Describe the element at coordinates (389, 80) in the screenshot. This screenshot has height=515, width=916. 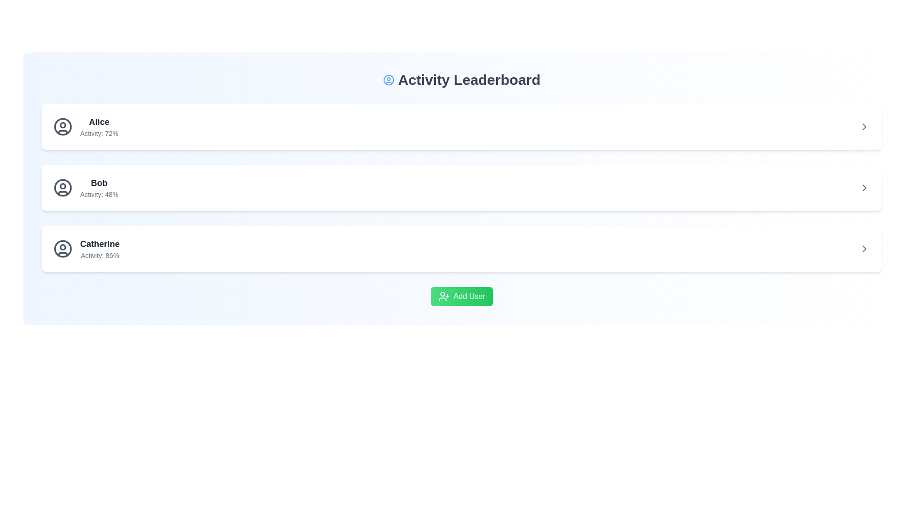
I see `the graphical icon (SVG element) located at the top-left corner of the interface, which represents user-related content and is positioned to the right of the title 'Activity Leaderboard'` at that location.